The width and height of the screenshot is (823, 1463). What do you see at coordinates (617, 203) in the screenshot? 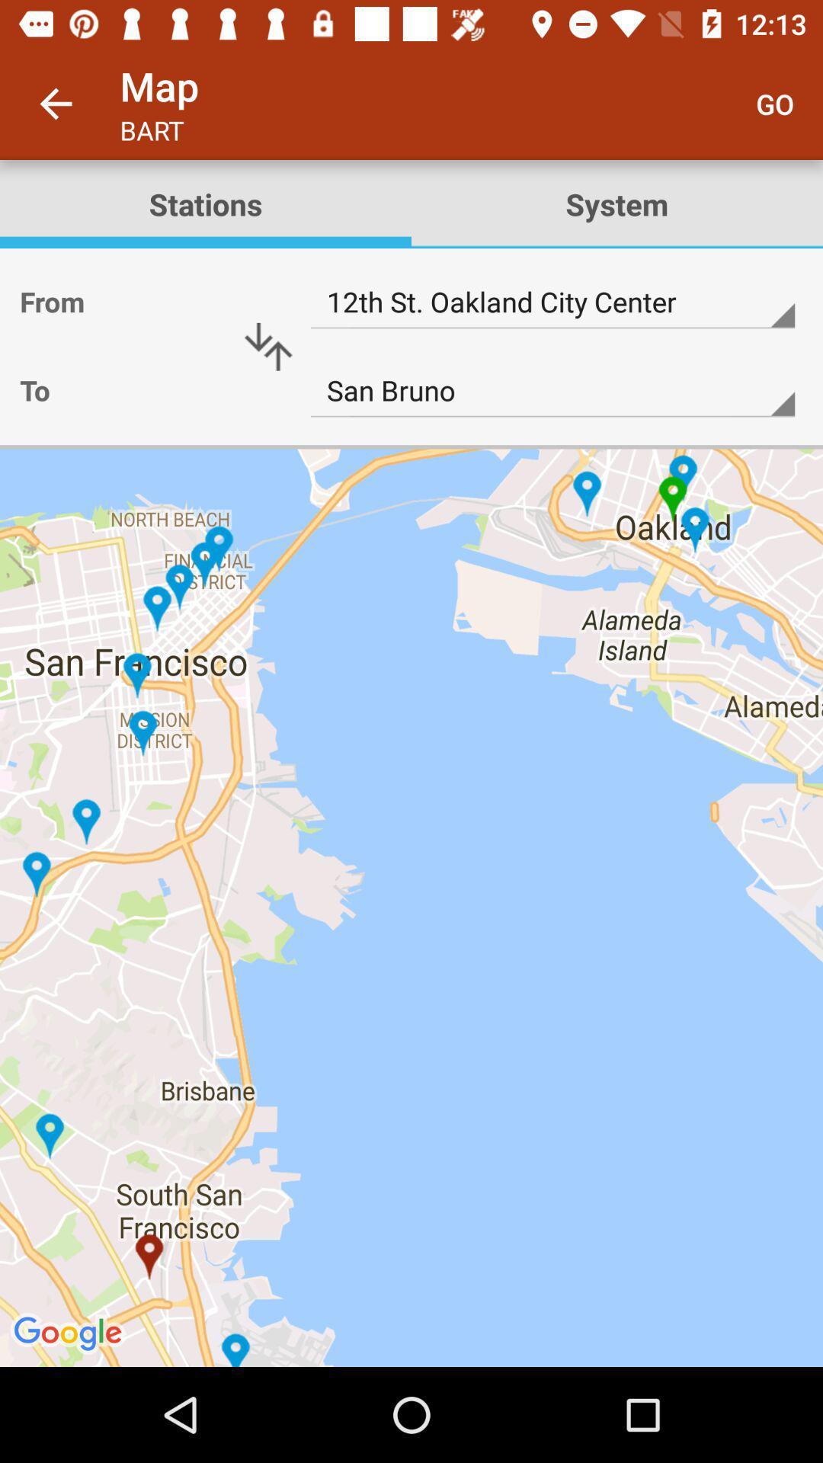
I see `the item next to the stations icon` at bounding box center [617, 203].